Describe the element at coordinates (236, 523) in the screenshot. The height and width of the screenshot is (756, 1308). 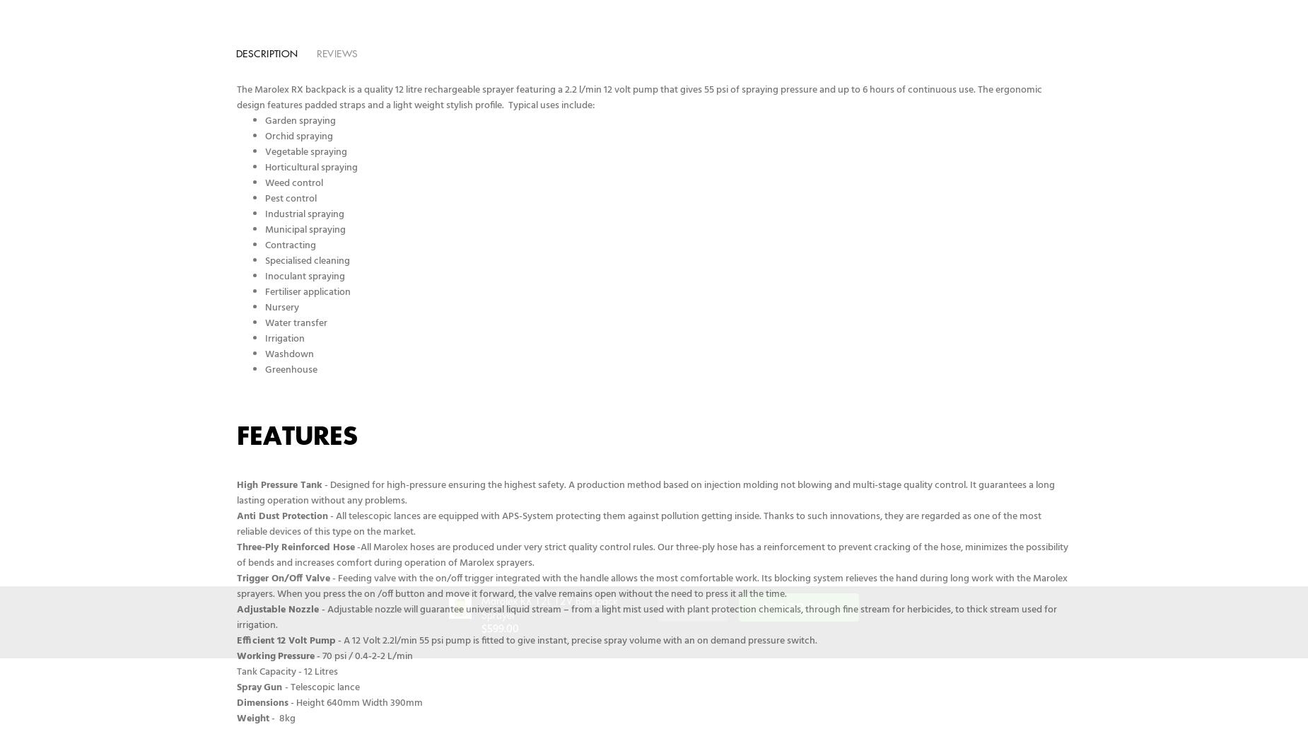
I see `'- All telescopic lances are equipped with APS-System protecting them against pollution getting inside. Thanks to such innovations, they are regarded as one of the most reliable devices of this type on the market.'` at that location.